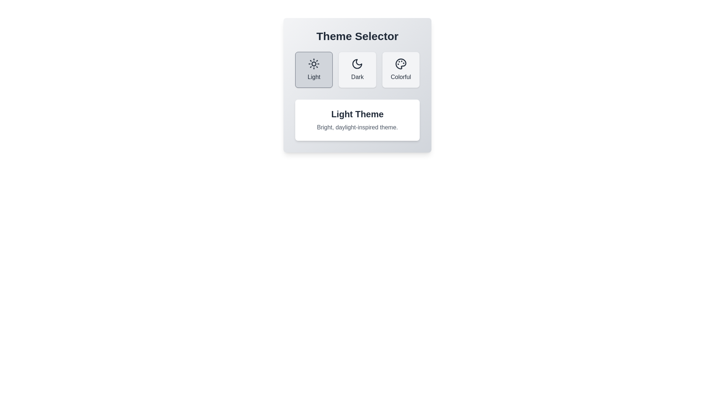  What do you see at coordinates (357, 63) in the screenshot?
I see `the 'Dark' theme option icon located in the middle of the 'Theme Selector' group` at bounding box center [357, 63].